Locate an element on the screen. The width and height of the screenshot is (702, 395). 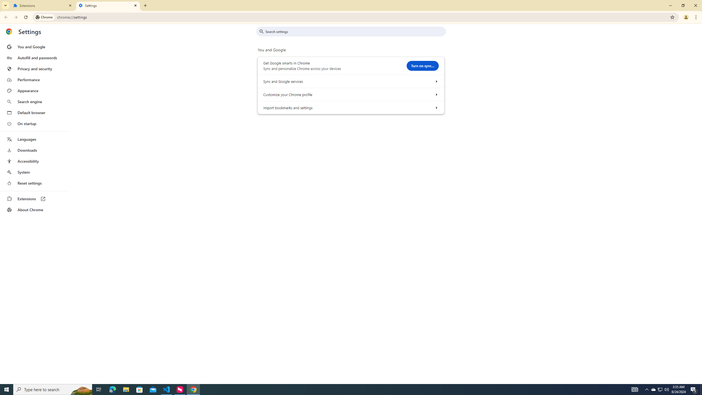
'AutomationID: menu' is located at coordinates (34, 128).